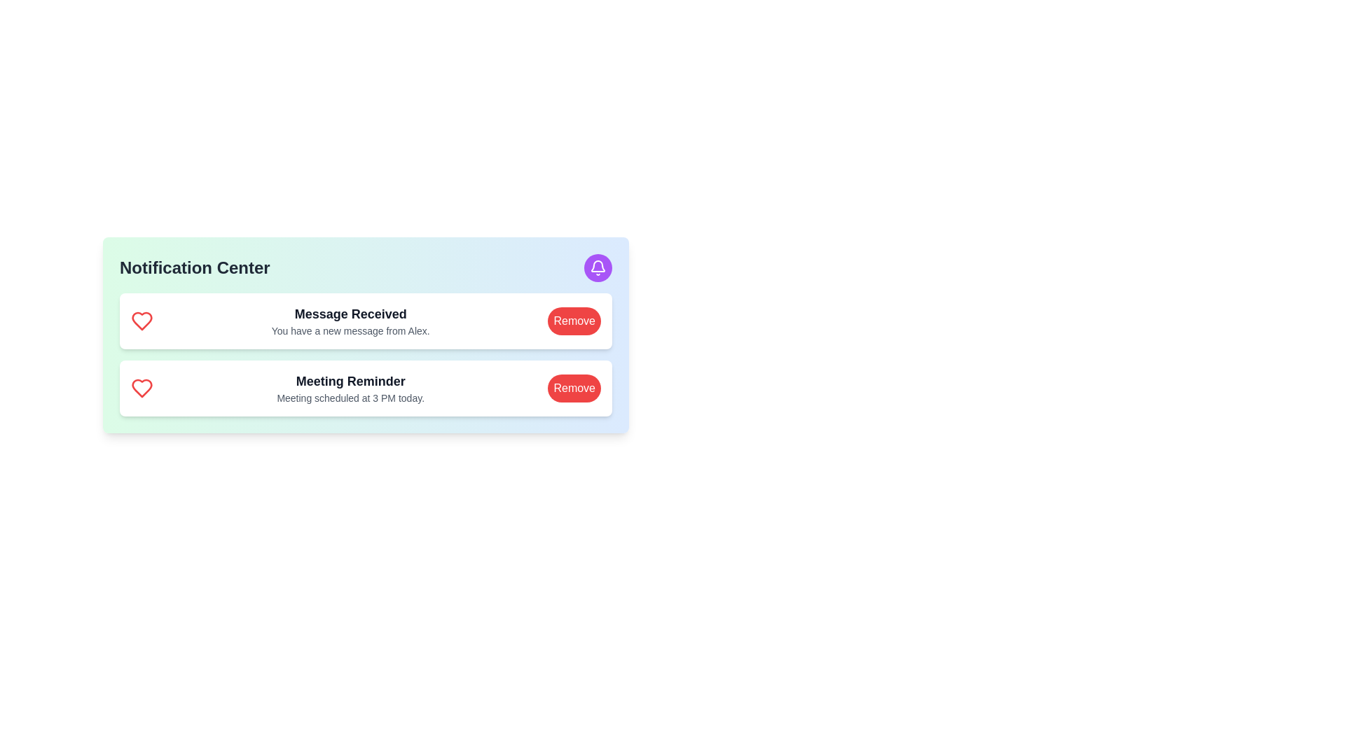 This screenshot has width=1345, height=756. Describe the element at coordinates (142, 388) in the screenshot. I see `the favorite icon located on the left side of the text 'Meeting Reminder'` at that location.